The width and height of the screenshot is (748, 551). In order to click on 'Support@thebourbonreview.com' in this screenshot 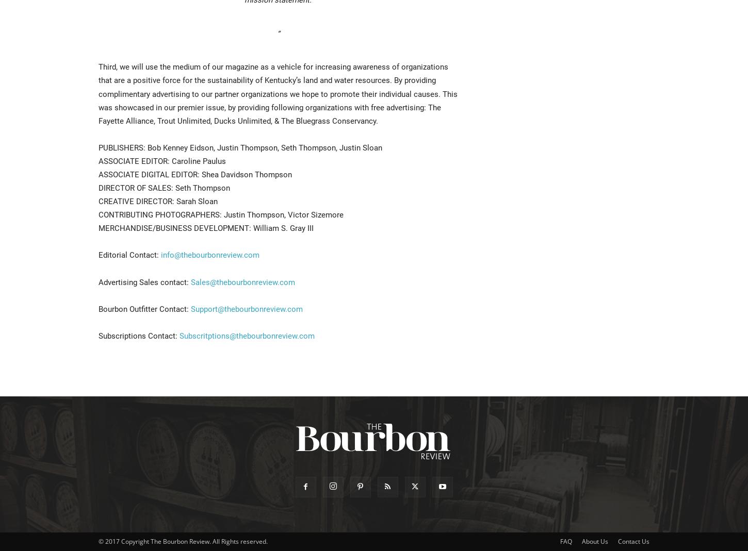, I will do `click(246, 308)`.